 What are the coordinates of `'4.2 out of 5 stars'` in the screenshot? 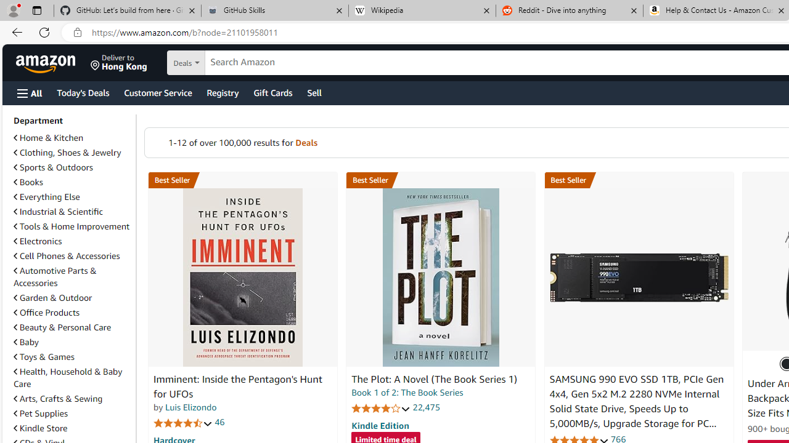 It's located at (380, 408).